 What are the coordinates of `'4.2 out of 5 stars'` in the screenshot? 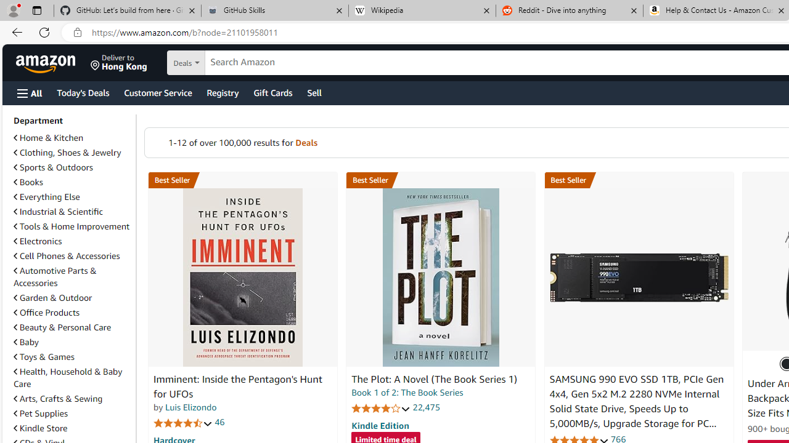 It's located at (380, 408).